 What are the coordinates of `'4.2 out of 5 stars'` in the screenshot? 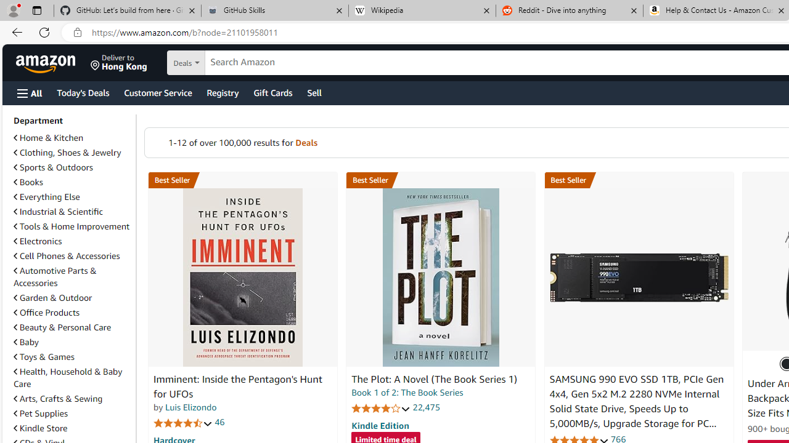 It's located at (380, 408).